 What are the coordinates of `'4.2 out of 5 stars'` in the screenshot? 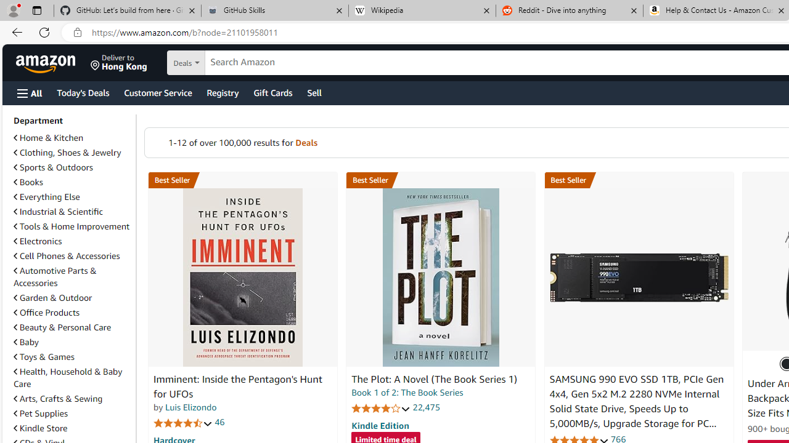 It's located at (380, 408).